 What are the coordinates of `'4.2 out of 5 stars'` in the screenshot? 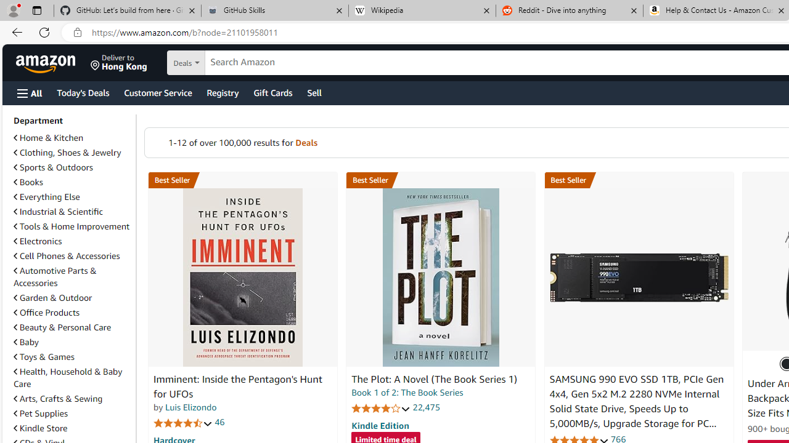 It's located at (380, 408).